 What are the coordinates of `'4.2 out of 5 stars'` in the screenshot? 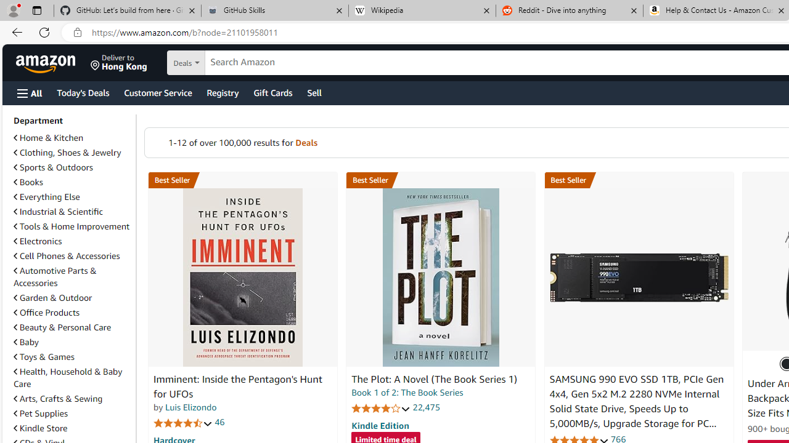 It's located at (380, 408).